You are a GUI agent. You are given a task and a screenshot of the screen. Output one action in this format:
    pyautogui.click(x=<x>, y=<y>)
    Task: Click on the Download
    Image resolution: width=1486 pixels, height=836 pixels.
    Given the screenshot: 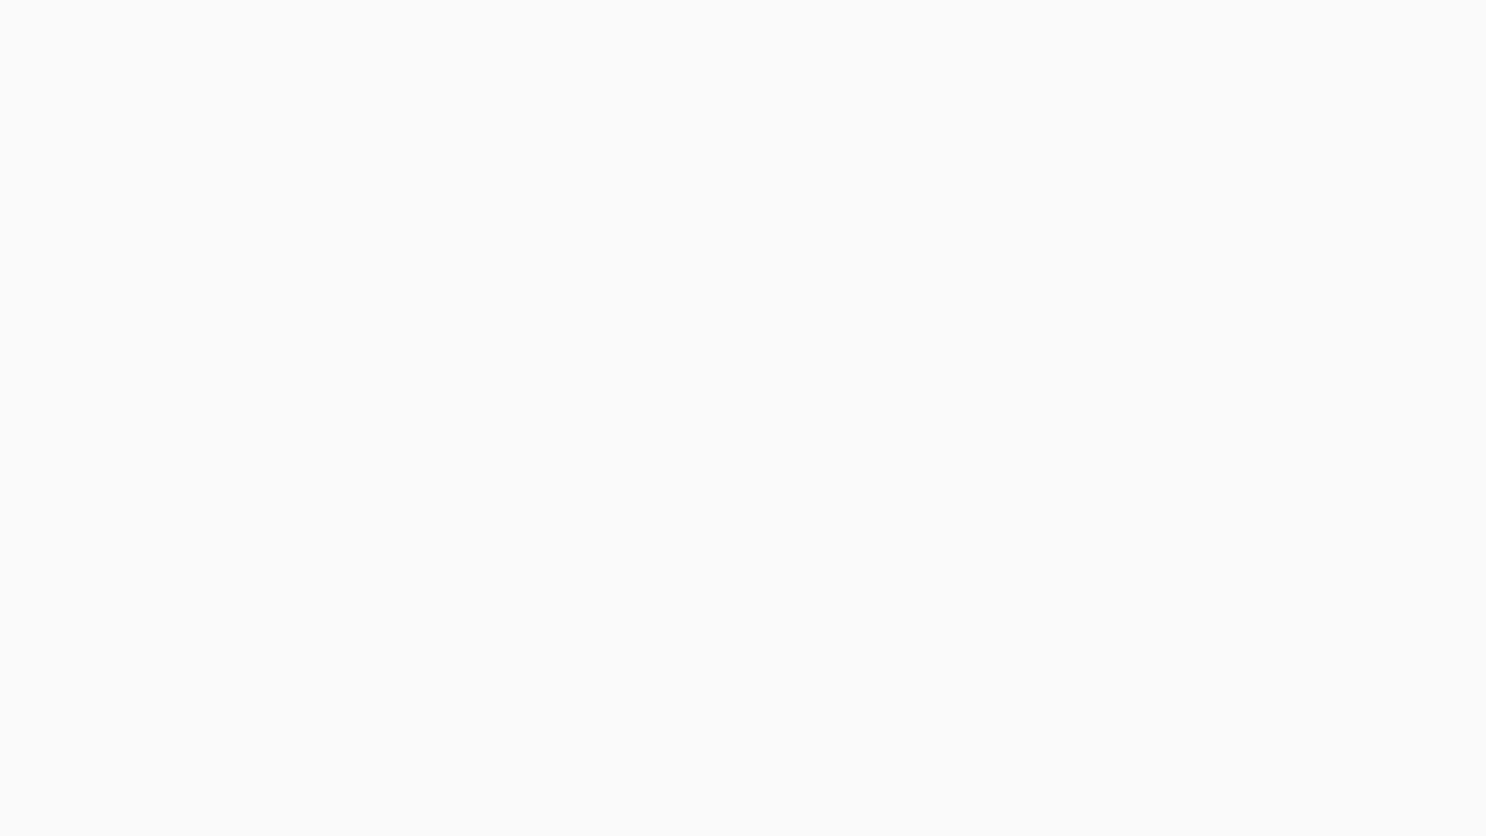 What is the action you would take?
    pyautogui.click(x=130, y=203)
    